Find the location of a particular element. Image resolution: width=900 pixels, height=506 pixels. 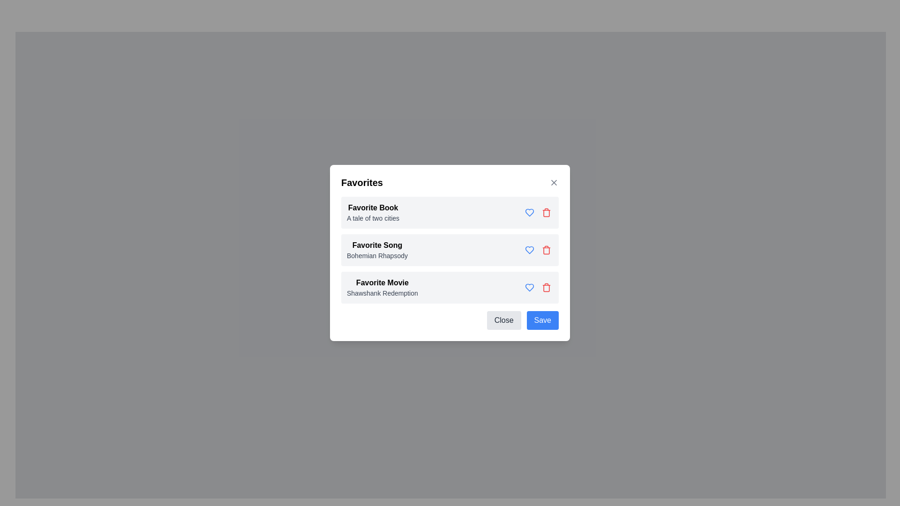

the icon button is located at coordinates (529, 213).